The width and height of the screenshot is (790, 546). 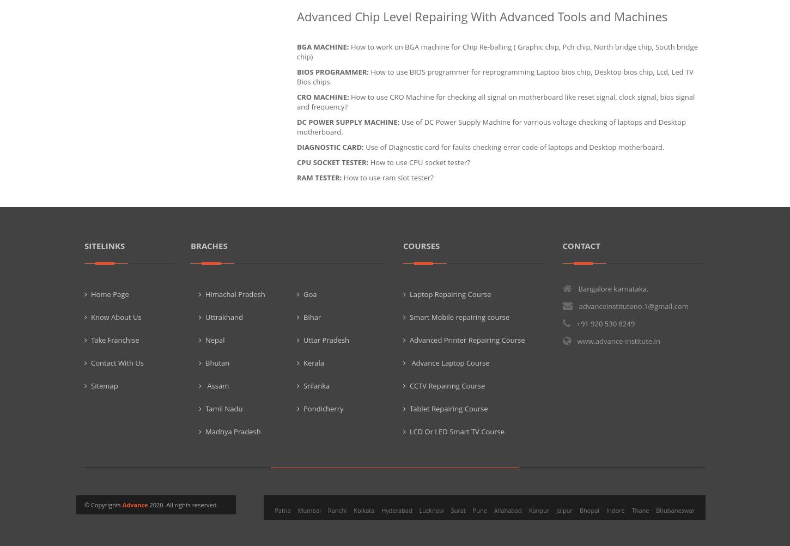 What do you see at coordinates (448, 408) in the screenshot?
I see `'Tablet Repairing Course'` at bounding box center [448, 408].